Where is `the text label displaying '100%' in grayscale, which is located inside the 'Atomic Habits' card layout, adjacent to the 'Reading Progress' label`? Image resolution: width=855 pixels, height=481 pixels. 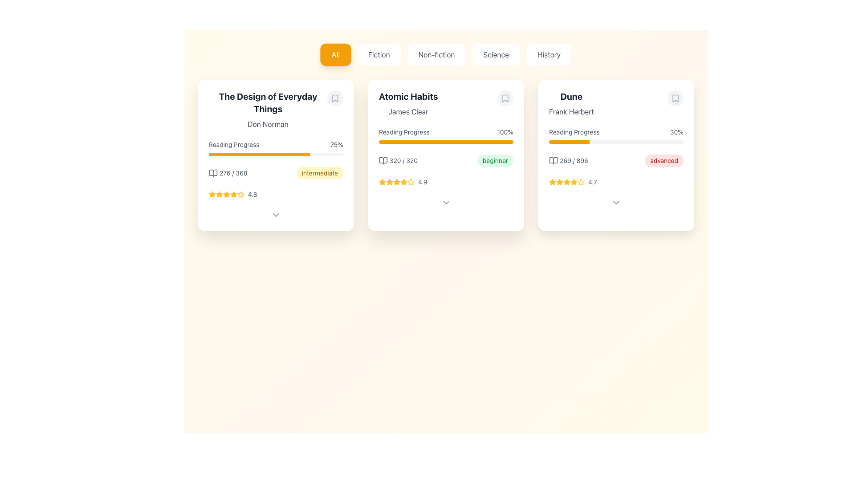
the text label displaying '100%' in grayscale, which is located inside the 'Atomic Habits' card layout, adjacent to the 'Reading Progress' label is located at coordinates (505, 132).